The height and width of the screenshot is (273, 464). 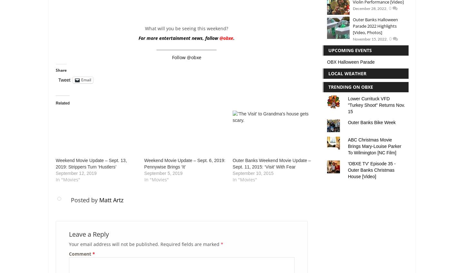 I want to click on 'Share', so click(x=61, y=70).